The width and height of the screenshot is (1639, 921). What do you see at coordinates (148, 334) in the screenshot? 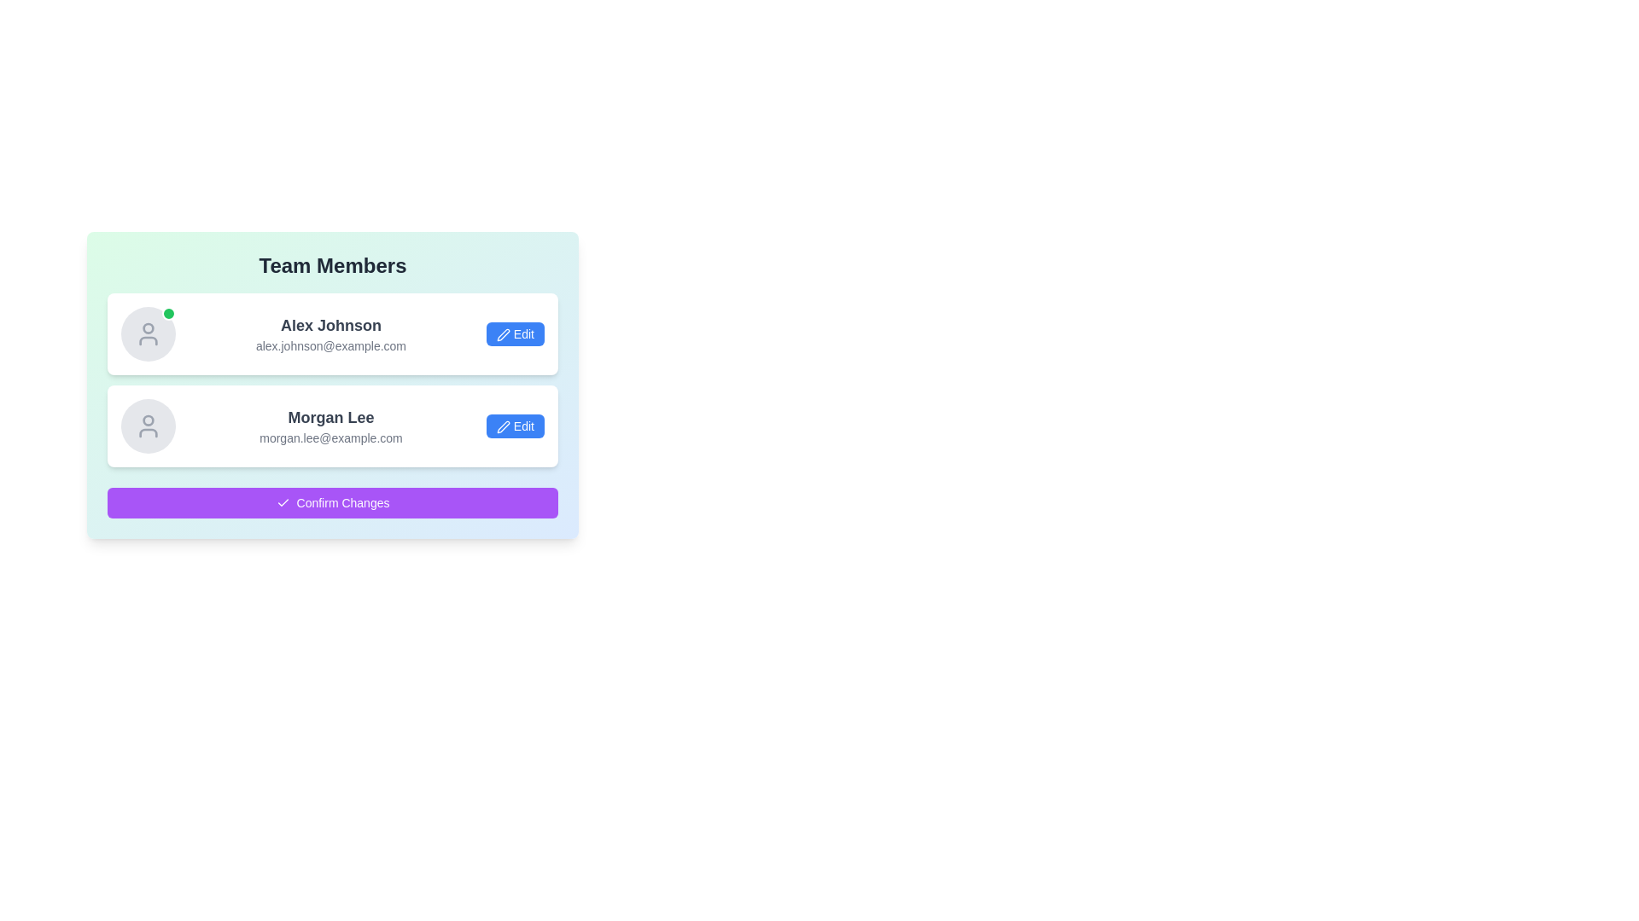
I see `the user profile icon, which is a circular icon outlined in gray with a minimalistic head and shoulders design, located within the rounded light-gray background of the 'Alex Johnson' user information row` at bounding box center [148, 334].